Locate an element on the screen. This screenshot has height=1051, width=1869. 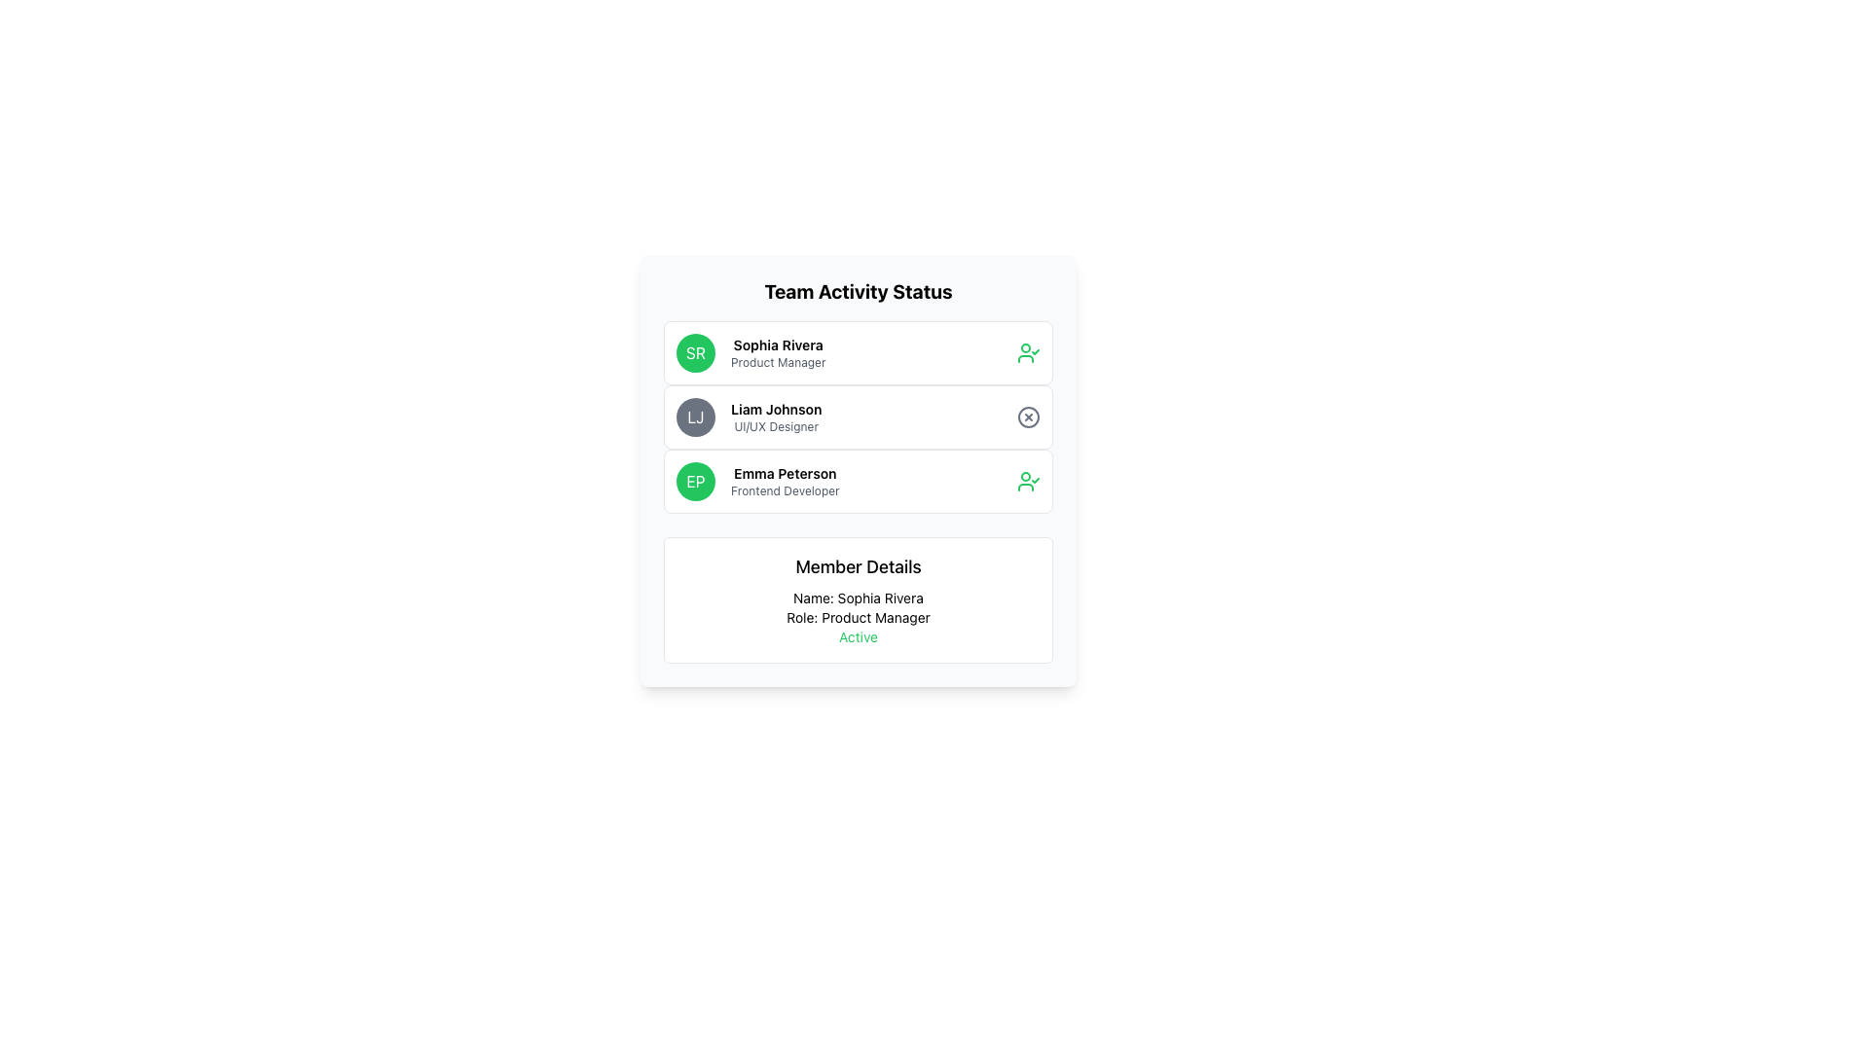
text label that describes the role or title of the user 'Liam Johnson', which is located below the name in the second entry of the user profile list is located at coordinates (775, 426).